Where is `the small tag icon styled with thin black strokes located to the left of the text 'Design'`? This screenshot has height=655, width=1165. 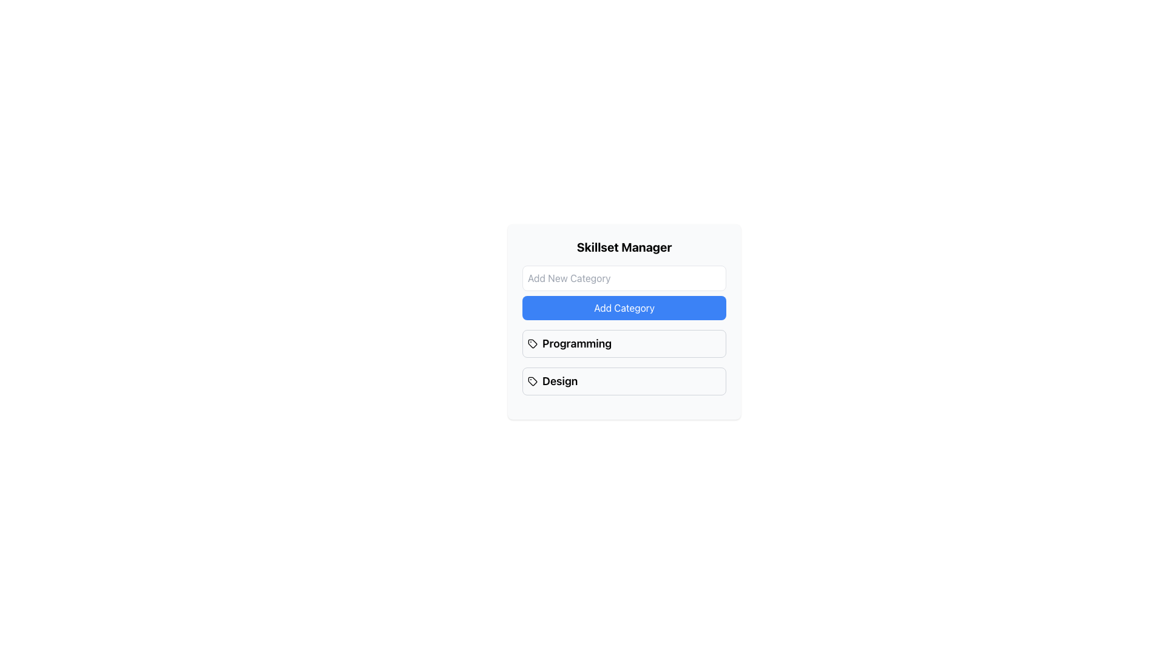
the small tag icon styled with thin black strokes located to the left of the text 'Design' is located at coordinates (533, 380).